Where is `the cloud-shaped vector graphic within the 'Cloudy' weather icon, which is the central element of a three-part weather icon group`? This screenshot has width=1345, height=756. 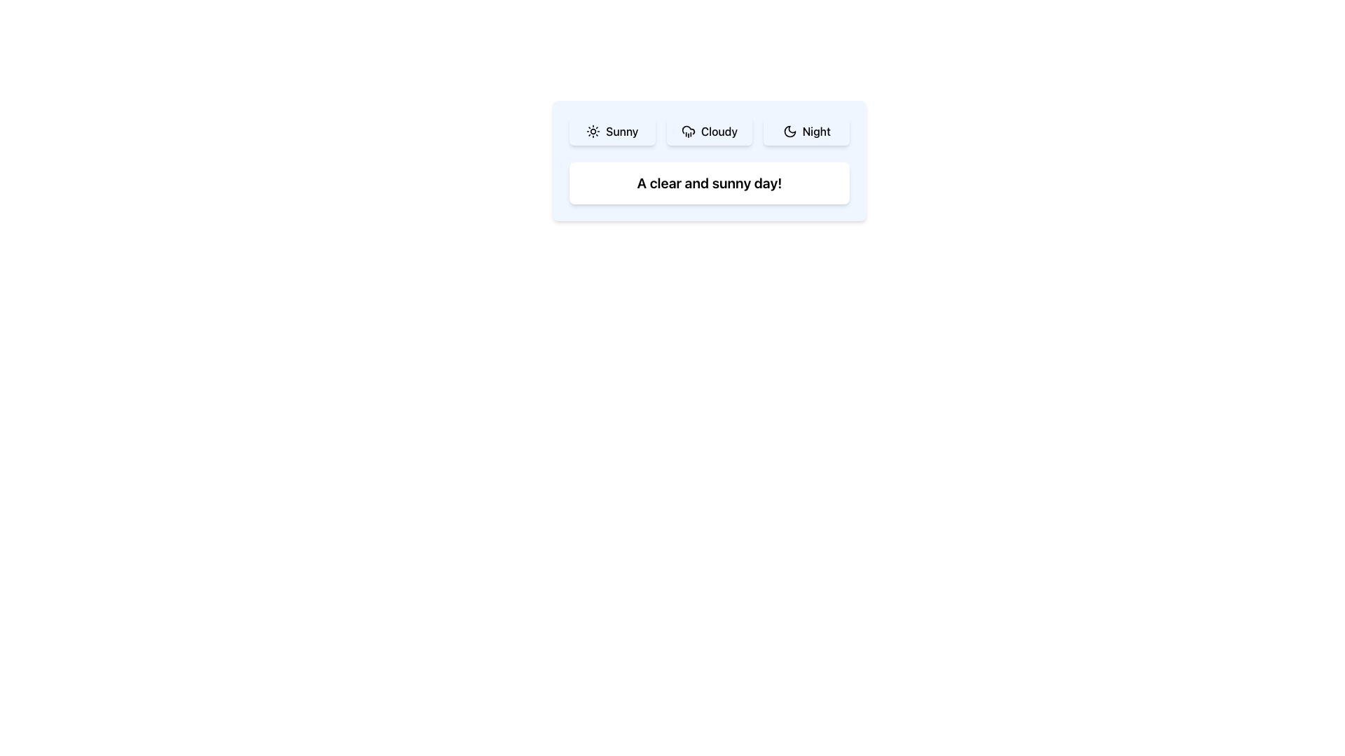
the cloud-shaped vector graphic within the 'Cloudy' weather icon, which is the central element of a three-part weather icon group is located at coordinates (688, 129).